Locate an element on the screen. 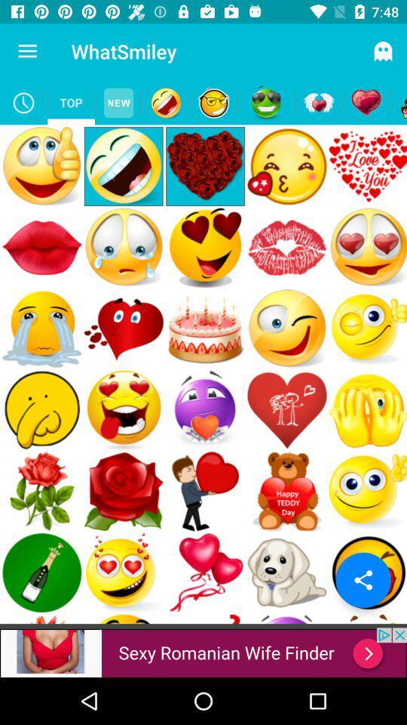 Image resolution: width=407 pixels, height=725 pixels. smiley button is located at coordinates (265, 102).